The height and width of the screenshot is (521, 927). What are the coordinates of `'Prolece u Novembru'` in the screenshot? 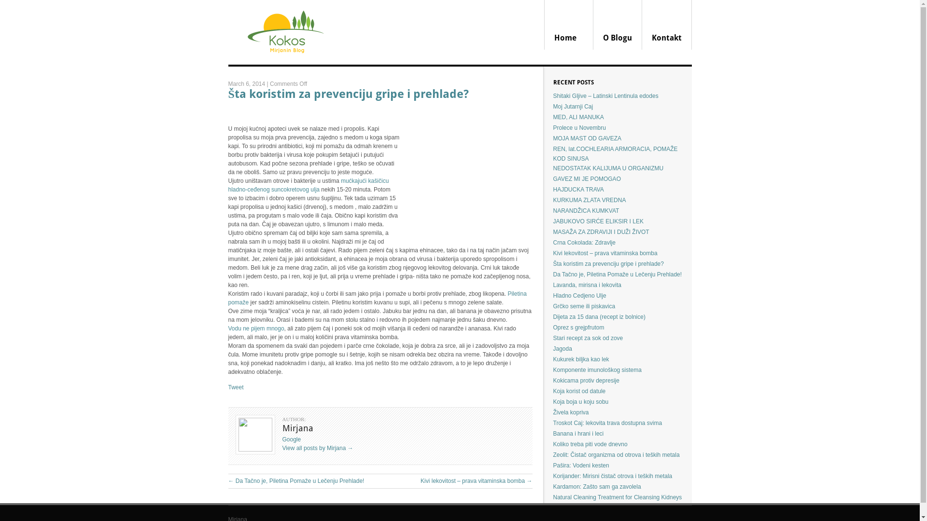 It's located at (579, 127).